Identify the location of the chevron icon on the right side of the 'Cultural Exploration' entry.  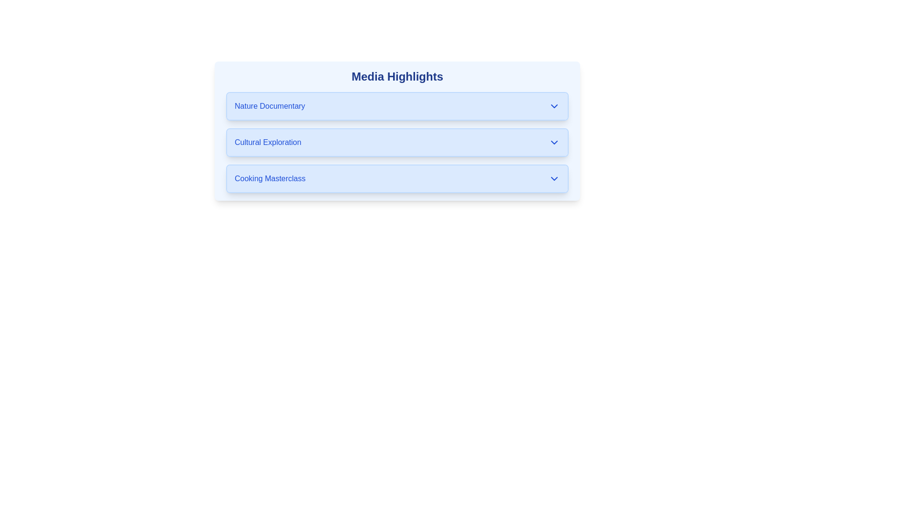
(554, 143).